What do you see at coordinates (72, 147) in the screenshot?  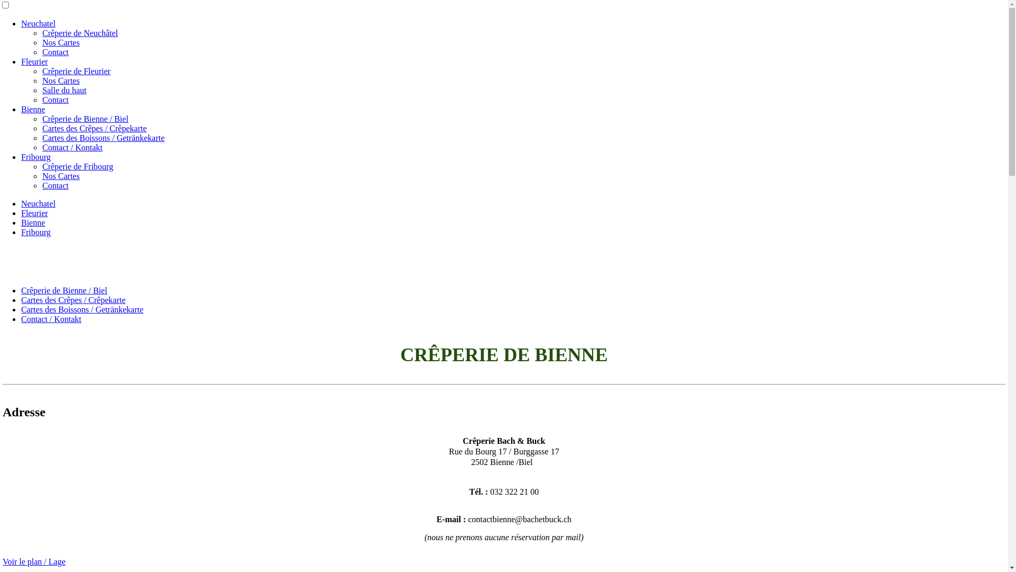 I see `'Contact / Kontakt'` at bounding box center [72, 147].